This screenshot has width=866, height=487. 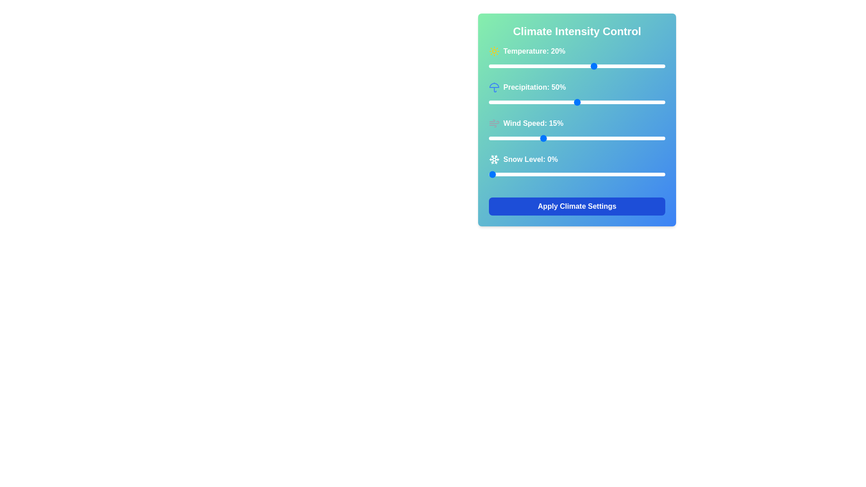 I want to click on the Temperature, so click(x=531, y=65).